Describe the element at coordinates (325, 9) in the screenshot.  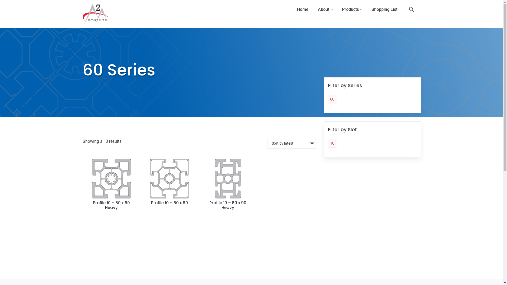
I see `'About'` at that location.